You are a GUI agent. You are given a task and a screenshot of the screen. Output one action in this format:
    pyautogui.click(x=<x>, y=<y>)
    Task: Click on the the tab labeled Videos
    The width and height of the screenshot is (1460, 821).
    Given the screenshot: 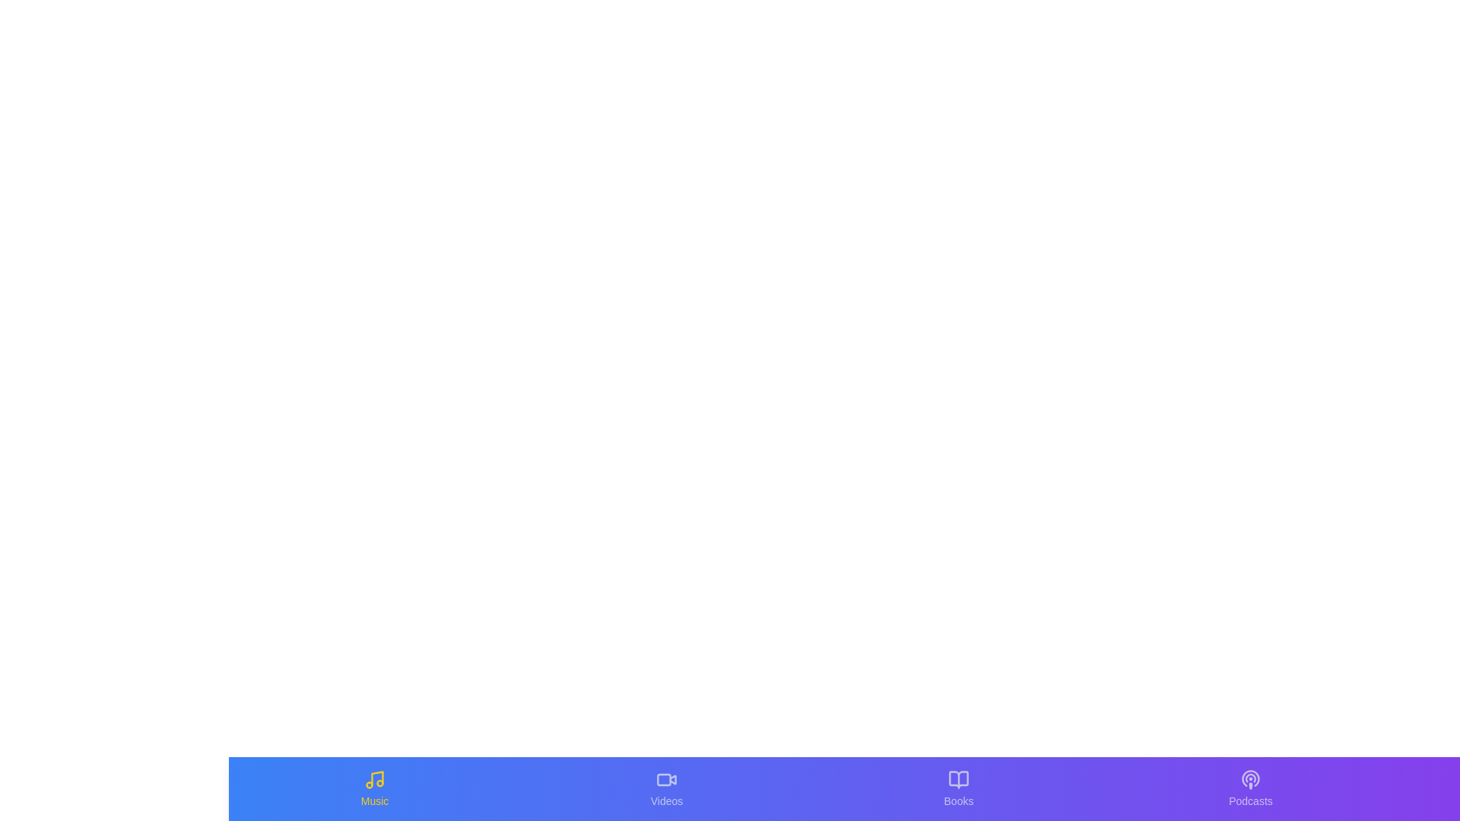 What is the action you would take?
    pyautogui.click(x=667, y=788)
    